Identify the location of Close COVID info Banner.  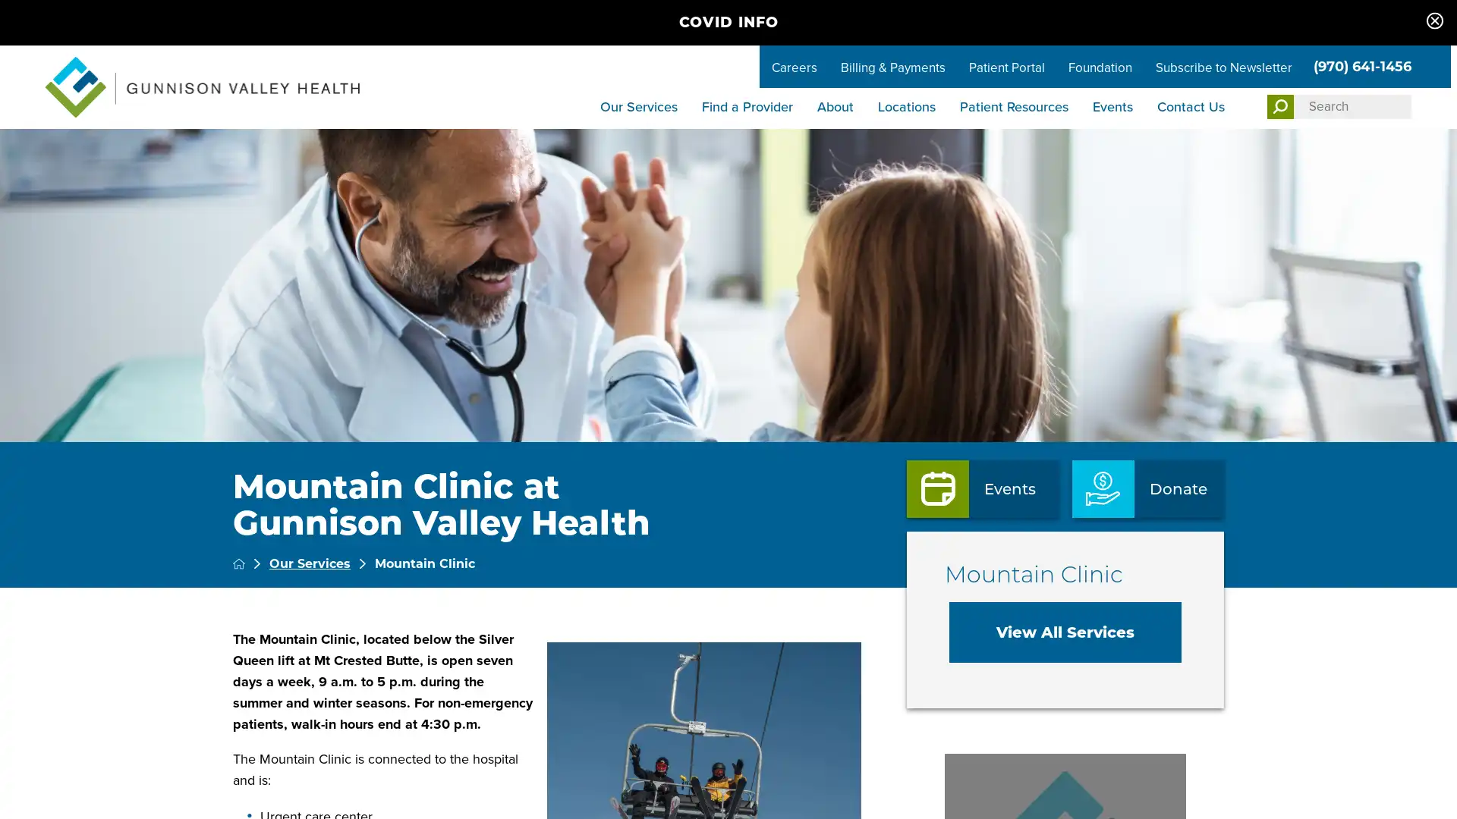
(1434, 21).